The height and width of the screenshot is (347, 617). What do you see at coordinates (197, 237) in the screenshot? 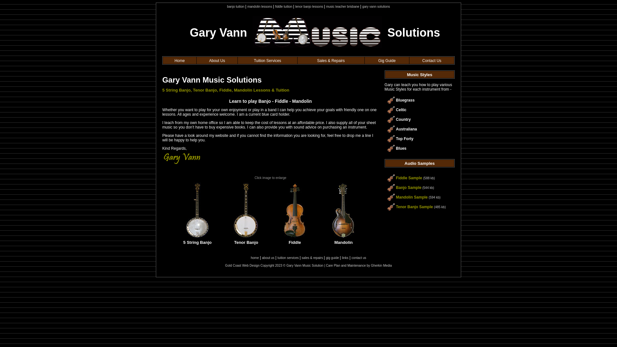
I see `'5 String Banjo'` at bounding box center [197, 237].